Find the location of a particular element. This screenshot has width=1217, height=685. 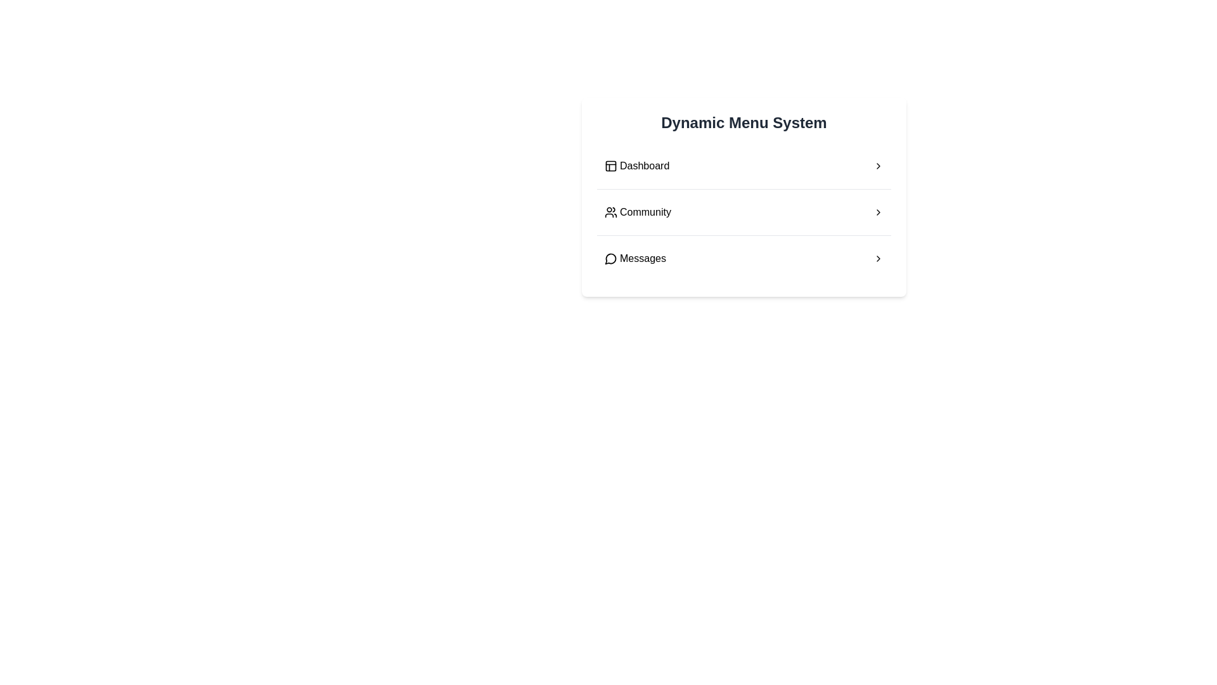

the second item in the vertical menu list, which serves as a navigation option is located at coordinates (638, 212).